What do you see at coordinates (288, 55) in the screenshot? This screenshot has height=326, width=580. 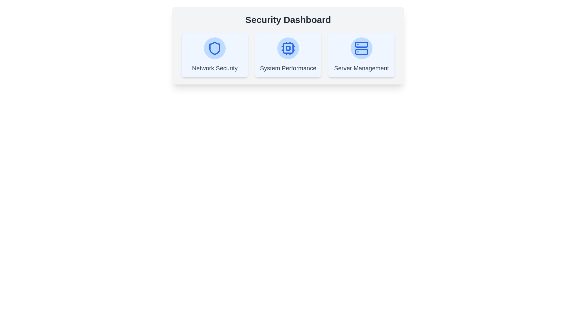 I see `the 'System Performance' section which visually represents the functionality and is located between 'Network Security' and 'Server Management'` at bounding box center [288, 55].